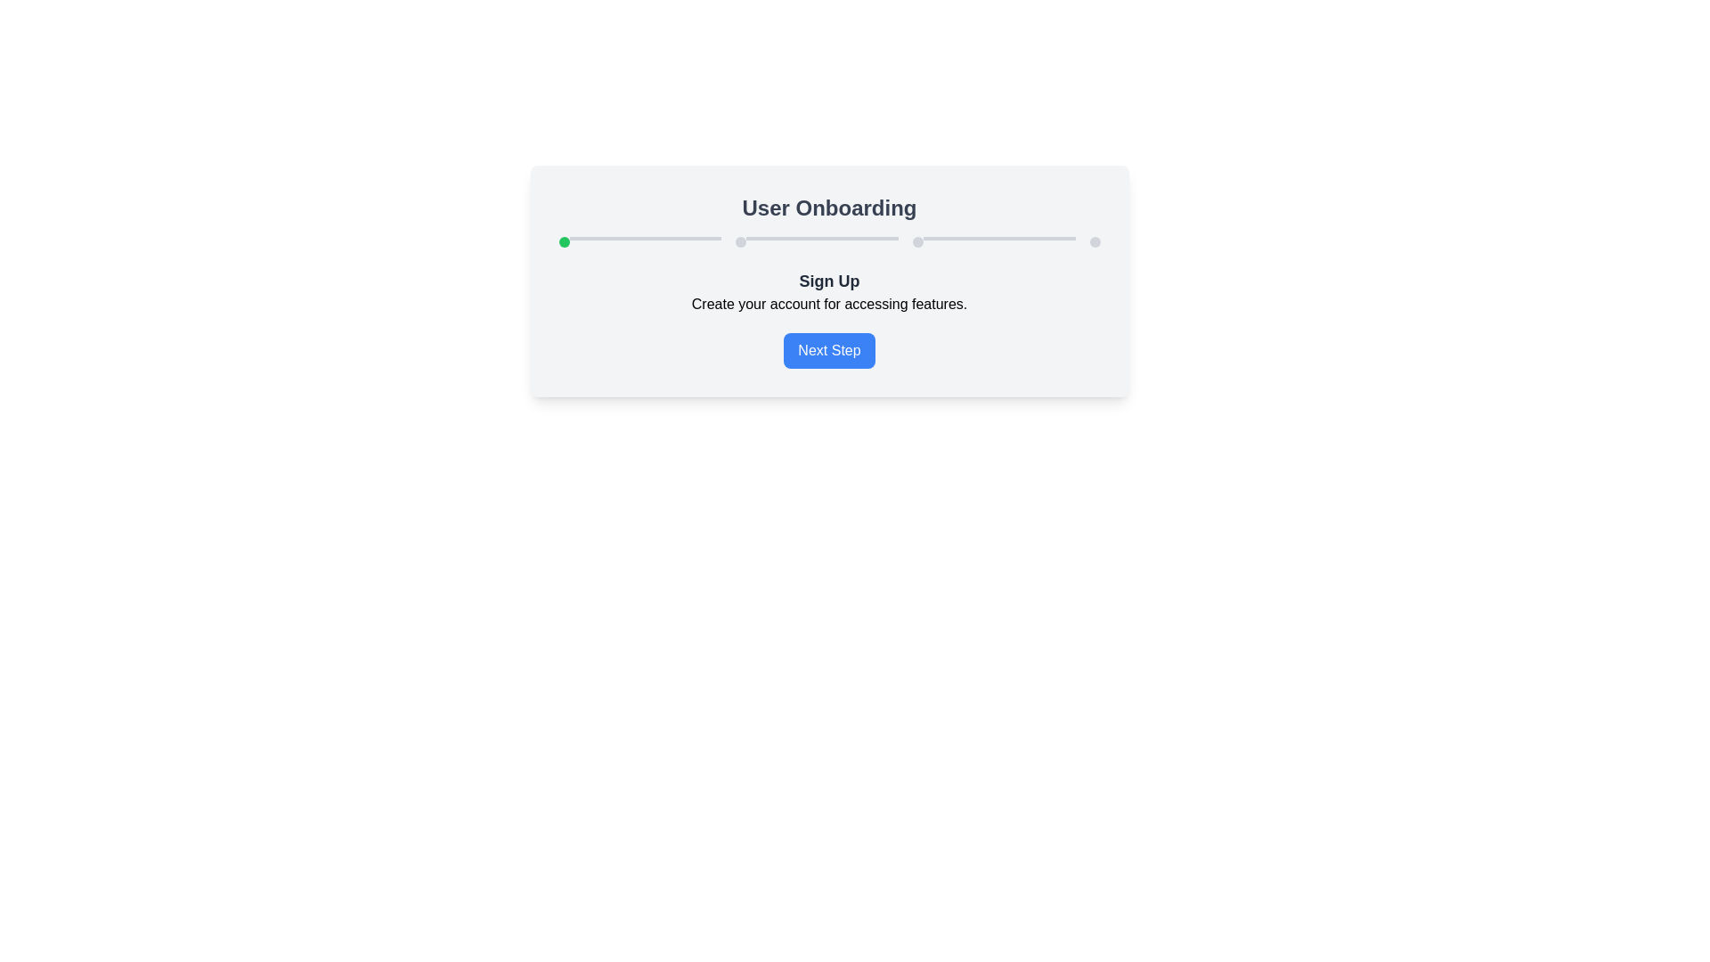 The image size is (1710, 962). What do you see at coordinates (821, 237) in the screenshot?
I see `the fourth segment of the progress bar, which is positioned between two small gray circles, to visually indicate progress` at bounding box center [821, 237].